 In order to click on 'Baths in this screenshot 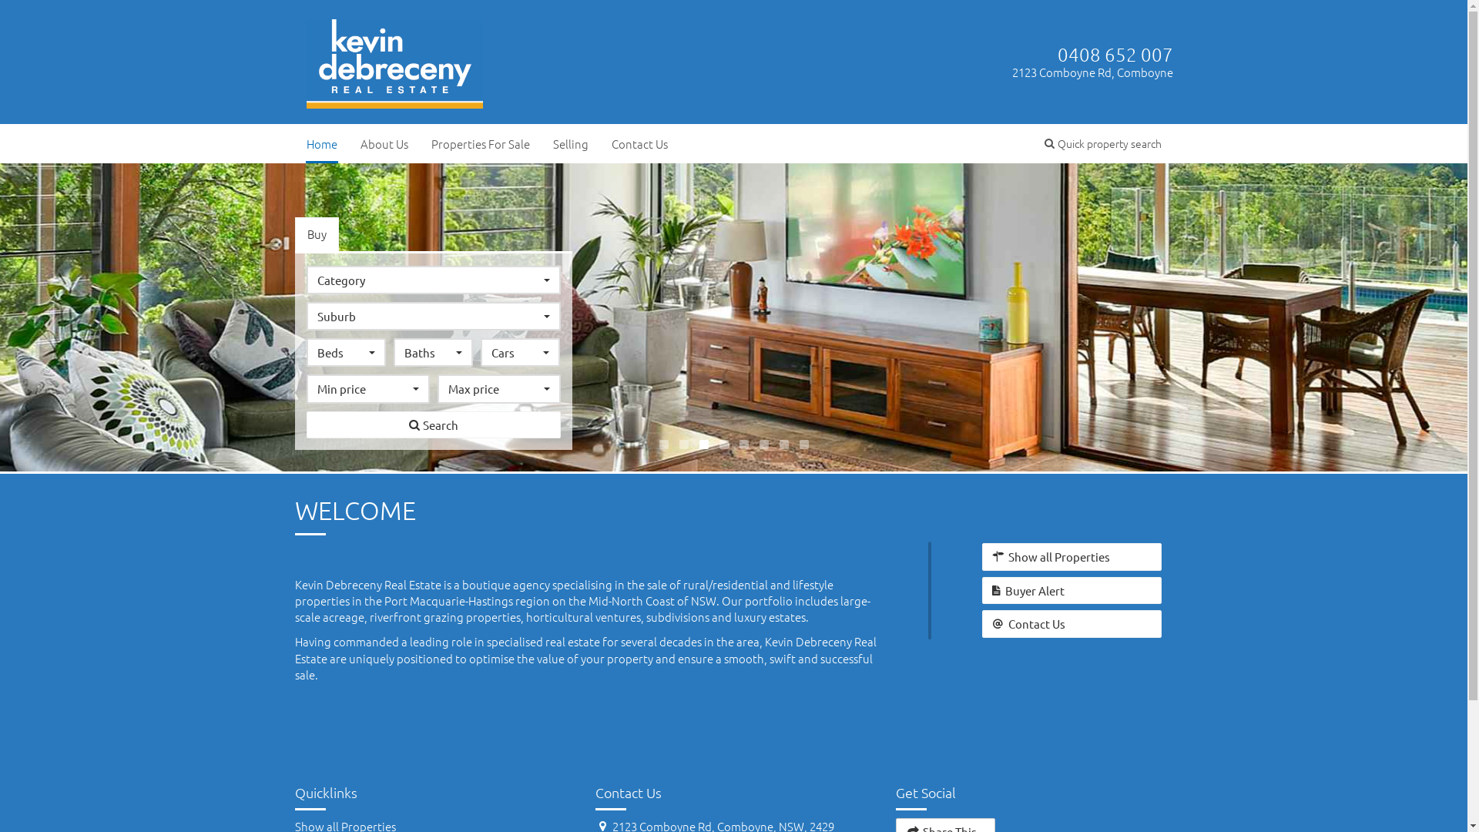, I will do `click(432, 352)`.